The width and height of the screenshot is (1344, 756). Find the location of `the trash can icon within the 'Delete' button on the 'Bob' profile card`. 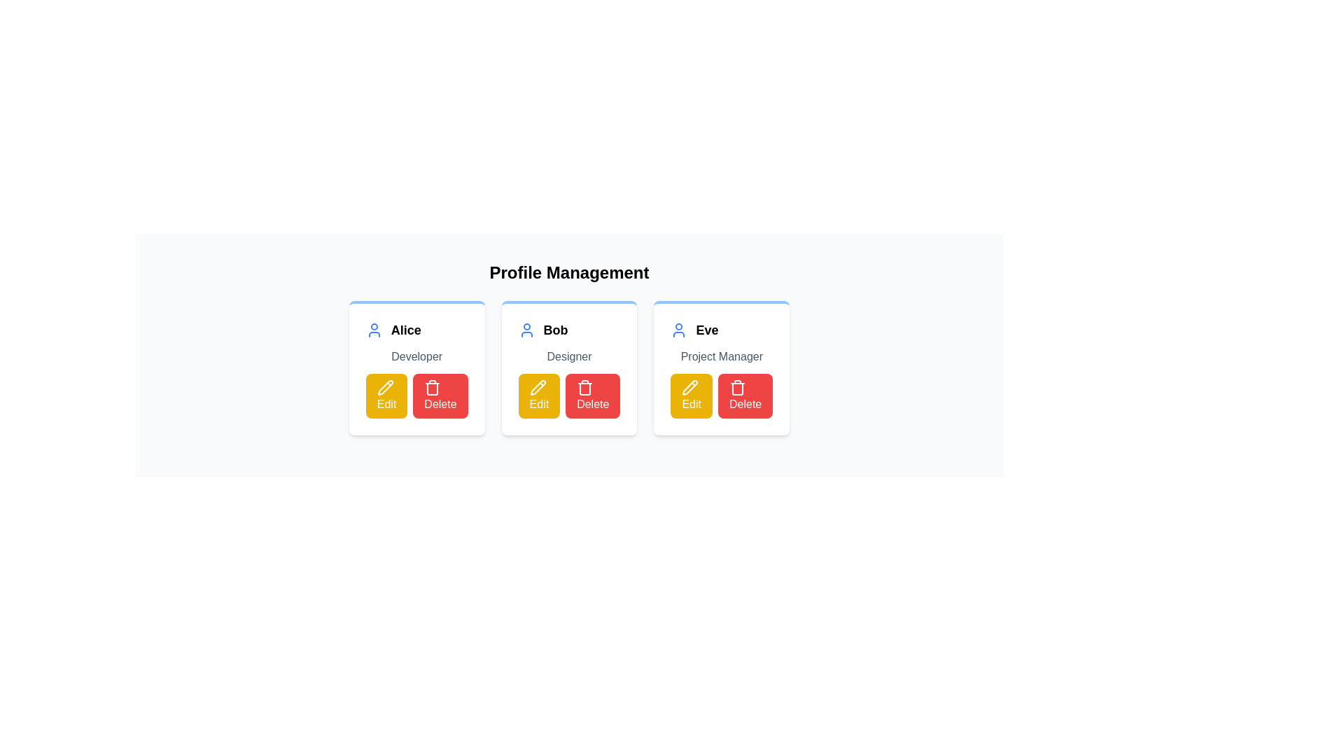

the trash can icon within the 'Delete' button on the 'Bob' profile card is located at coordinates (585, 388).